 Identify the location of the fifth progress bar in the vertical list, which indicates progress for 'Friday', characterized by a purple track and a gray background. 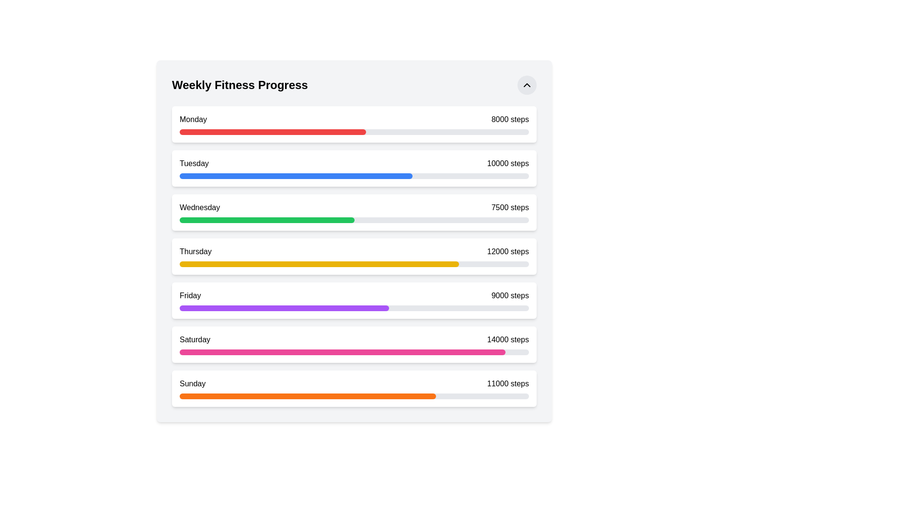
(354, 308).